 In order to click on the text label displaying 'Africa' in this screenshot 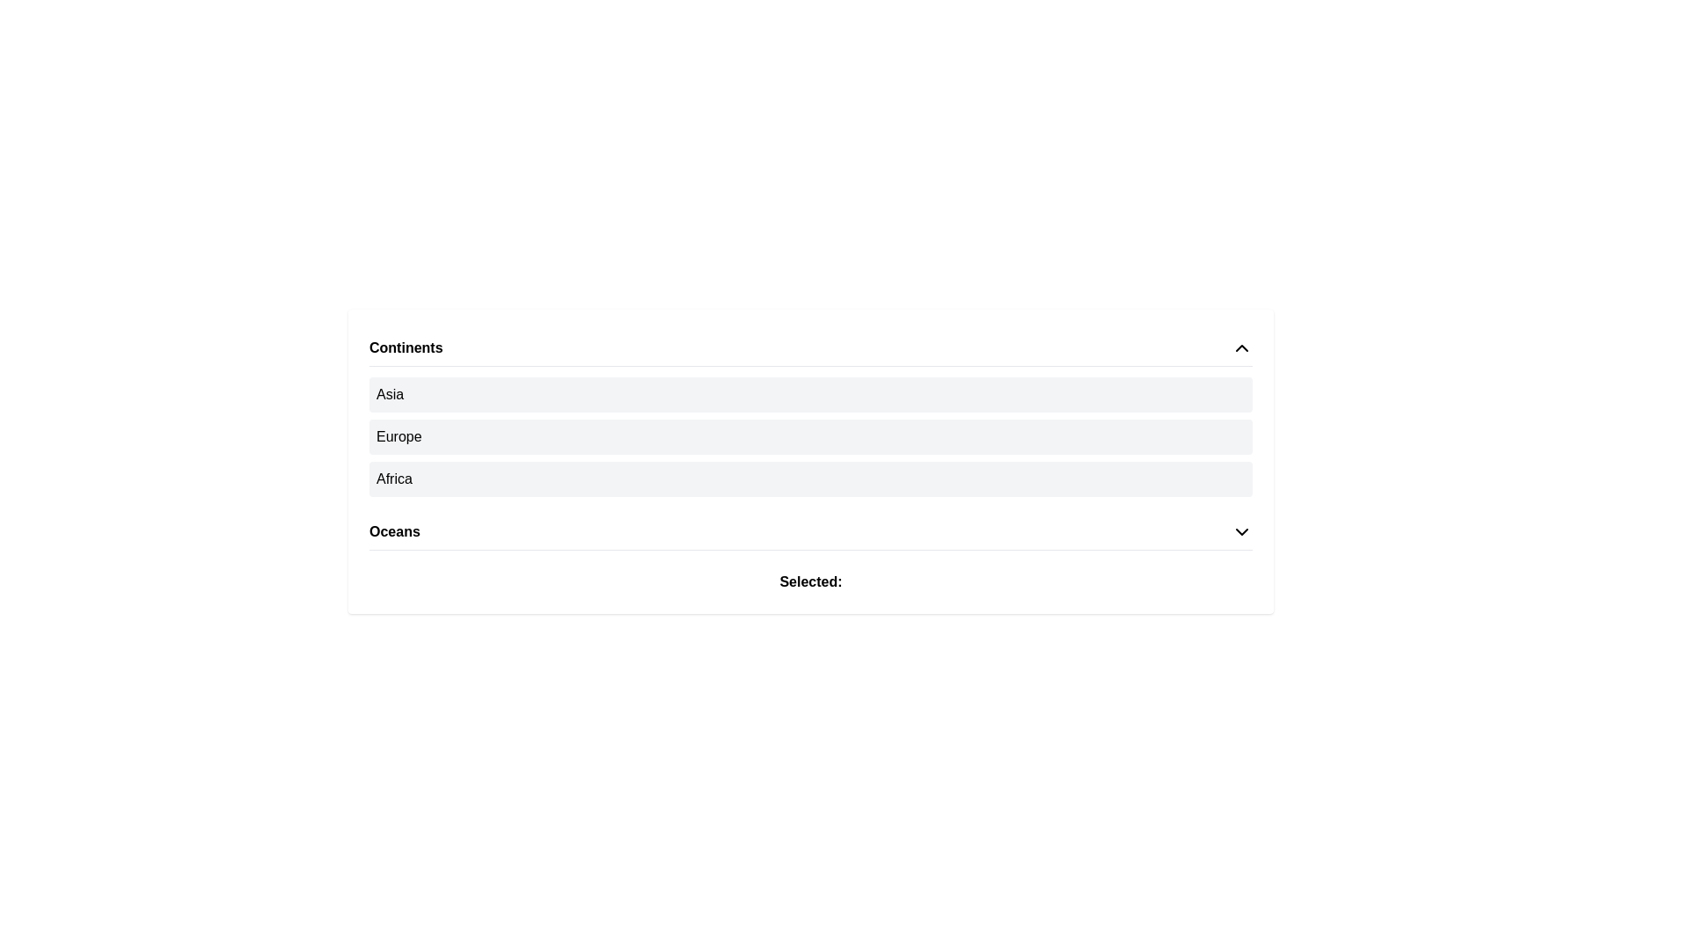, I will do `click(393, 479)`.